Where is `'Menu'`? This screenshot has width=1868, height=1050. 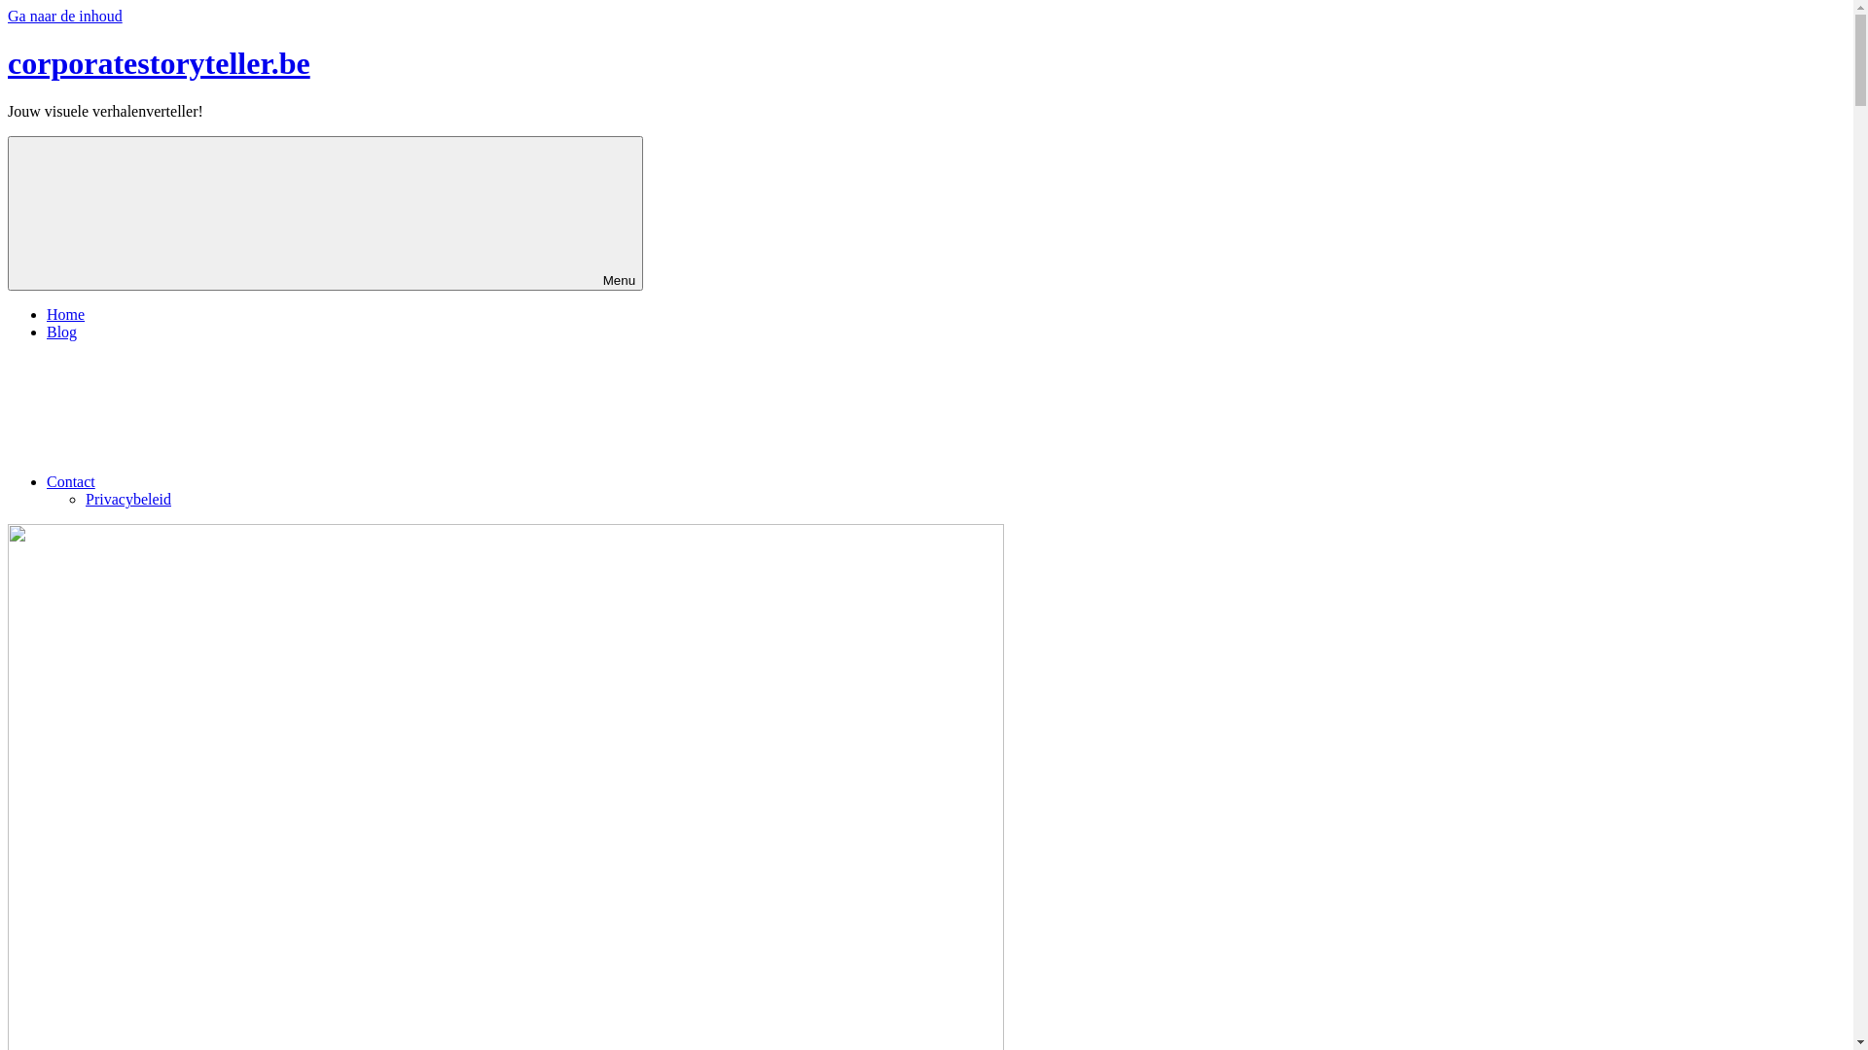
'Menu' is located at coordinates (325, 213).